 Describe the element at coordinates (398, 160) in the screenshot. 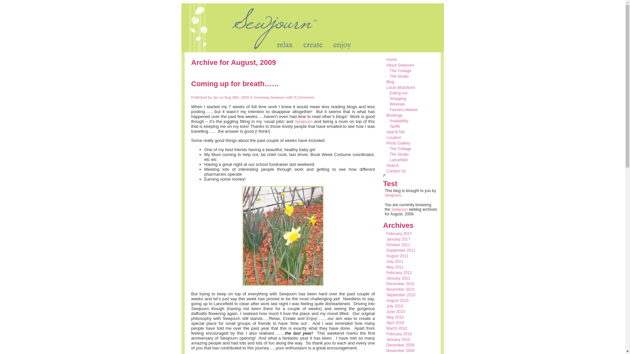

I see `'Lancefield'` at that location.